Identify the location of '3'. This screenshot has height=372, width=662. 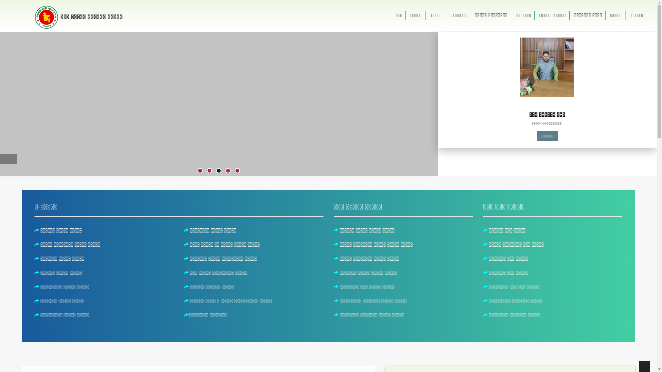
(218, 170).